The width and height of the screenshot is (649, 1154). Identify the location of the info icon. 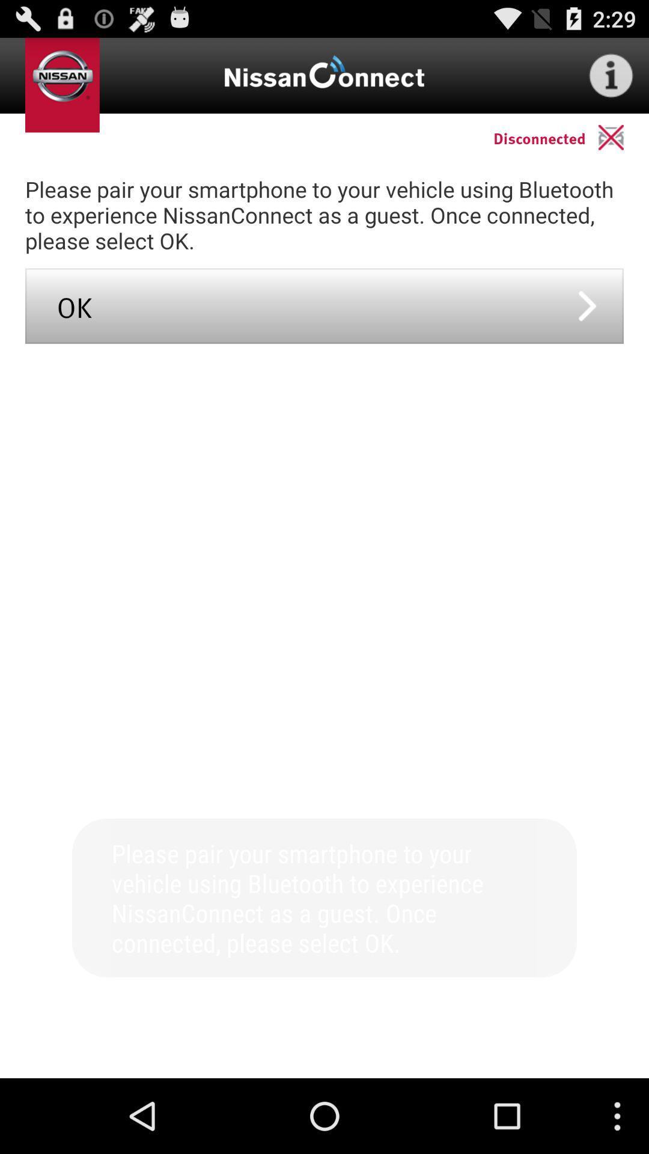
(611, 80).